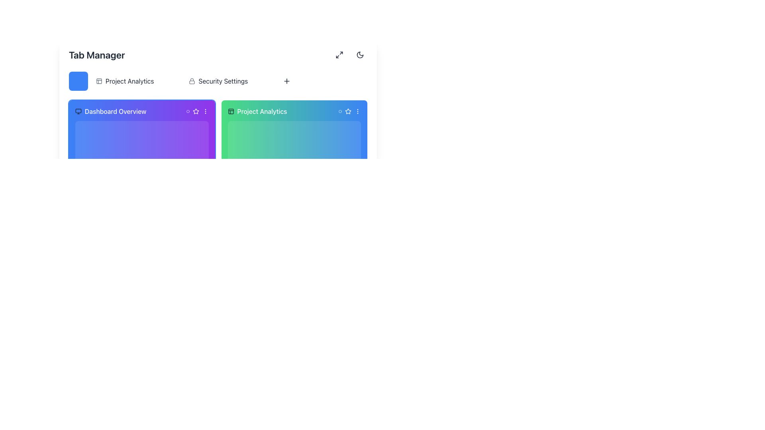  I want to click on the 'Project Analytics' button, which features an icon resembling a stylized page, so click(124, 81).